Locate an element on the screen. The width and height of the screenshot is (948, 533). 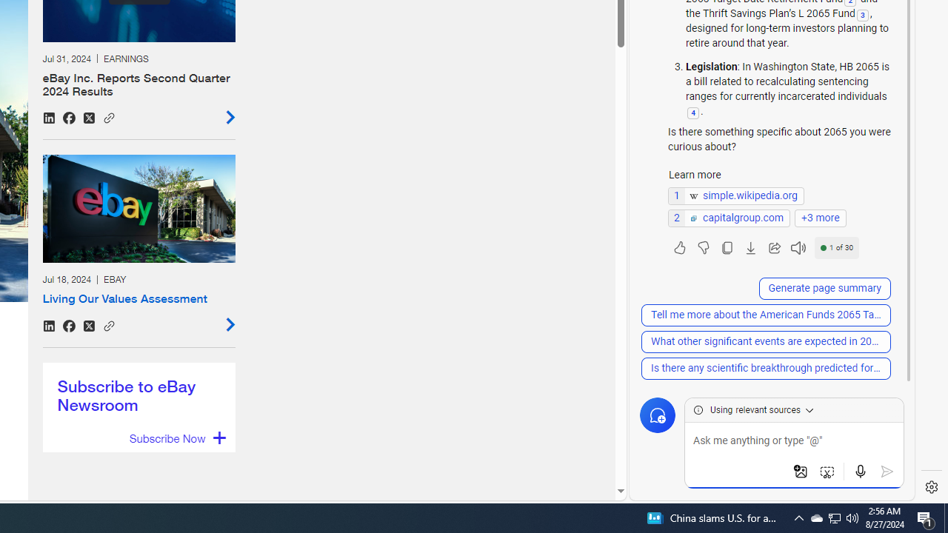
'Copy link to clipboard' is located at coordinates (108, 324).